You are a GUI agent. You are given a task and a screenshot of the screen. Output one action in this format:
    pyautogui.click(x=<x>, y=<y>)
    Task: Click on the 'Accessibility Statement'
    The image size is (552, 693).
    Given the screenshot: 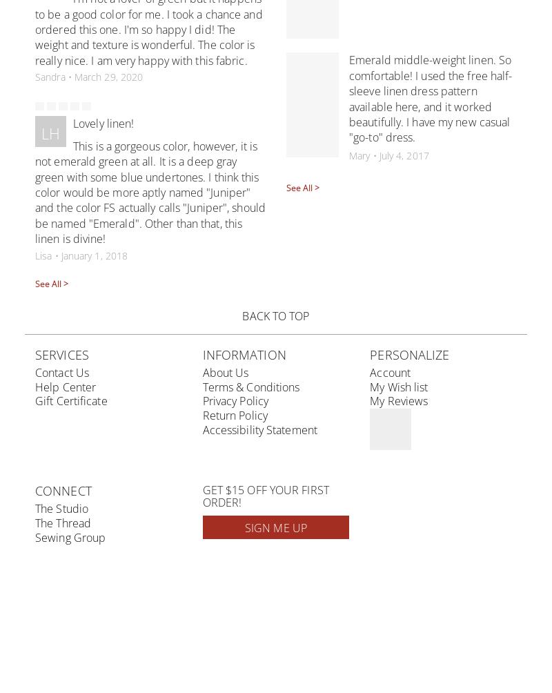 What is the action you would take?
    pyautogui.click(x=202, y=429)
    